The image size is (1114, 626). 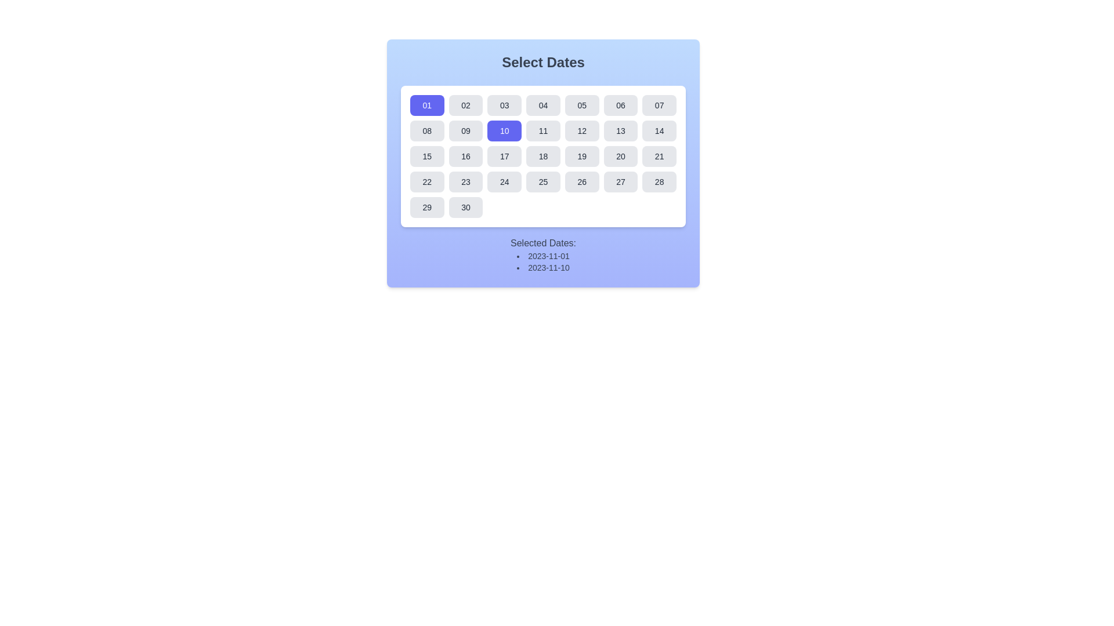 I want to click on the button labeled '29' in the 'Select Dates' section, so click(x=426, y=207).